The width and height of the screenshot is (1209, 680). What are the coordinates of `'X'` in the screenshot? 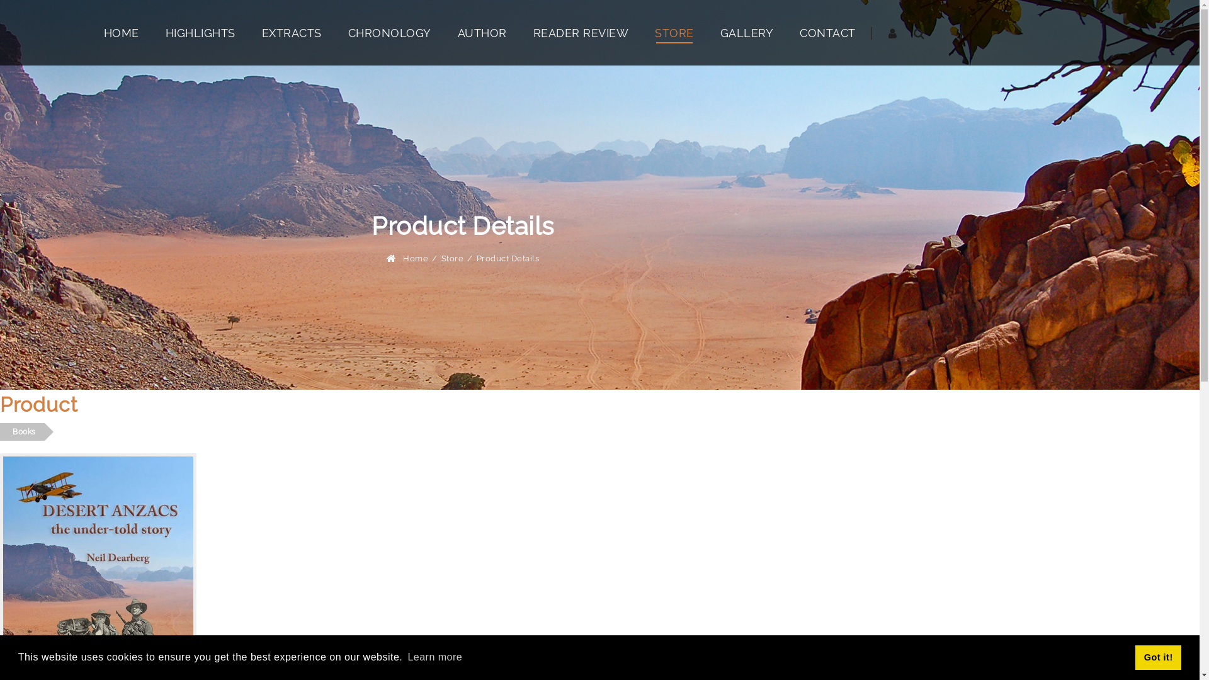 It's located at (0, 98).